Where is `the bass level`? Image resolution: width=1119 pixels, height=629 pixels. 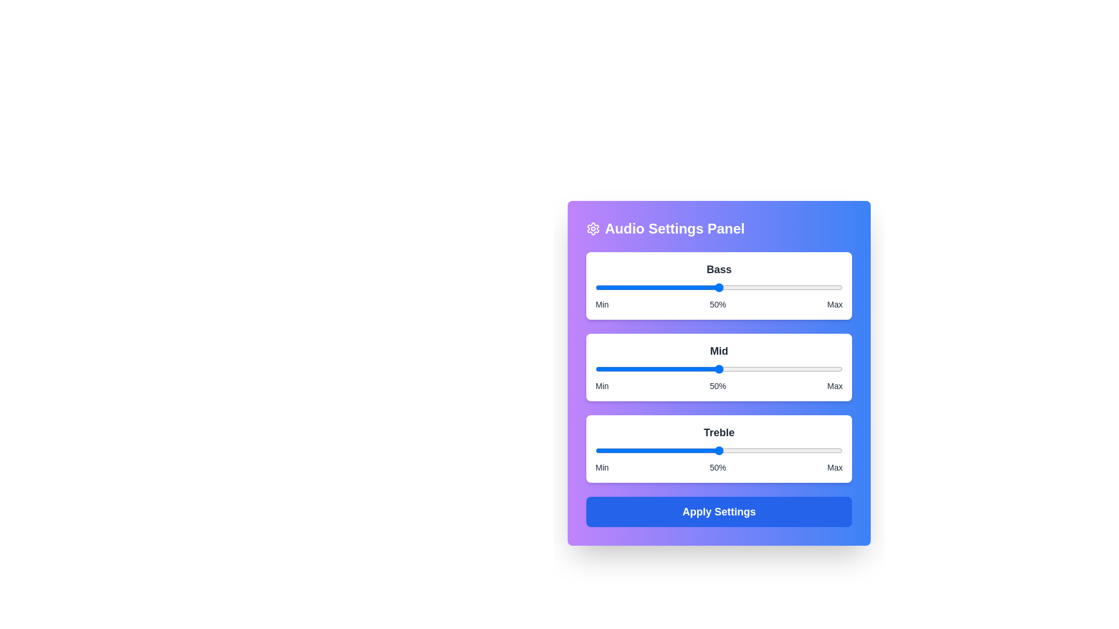 the bass level is located at coordinates (803, 287).